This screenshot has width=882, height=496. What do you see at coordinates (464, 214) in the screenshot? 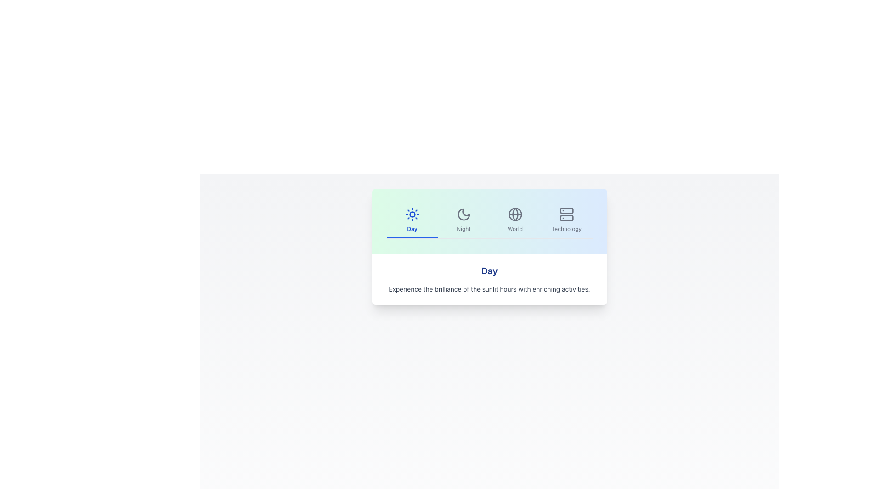
I see `the crescent moon icon located in the 'Night' tab of the horizontal navigation bar` at bounding box center [464, 214].